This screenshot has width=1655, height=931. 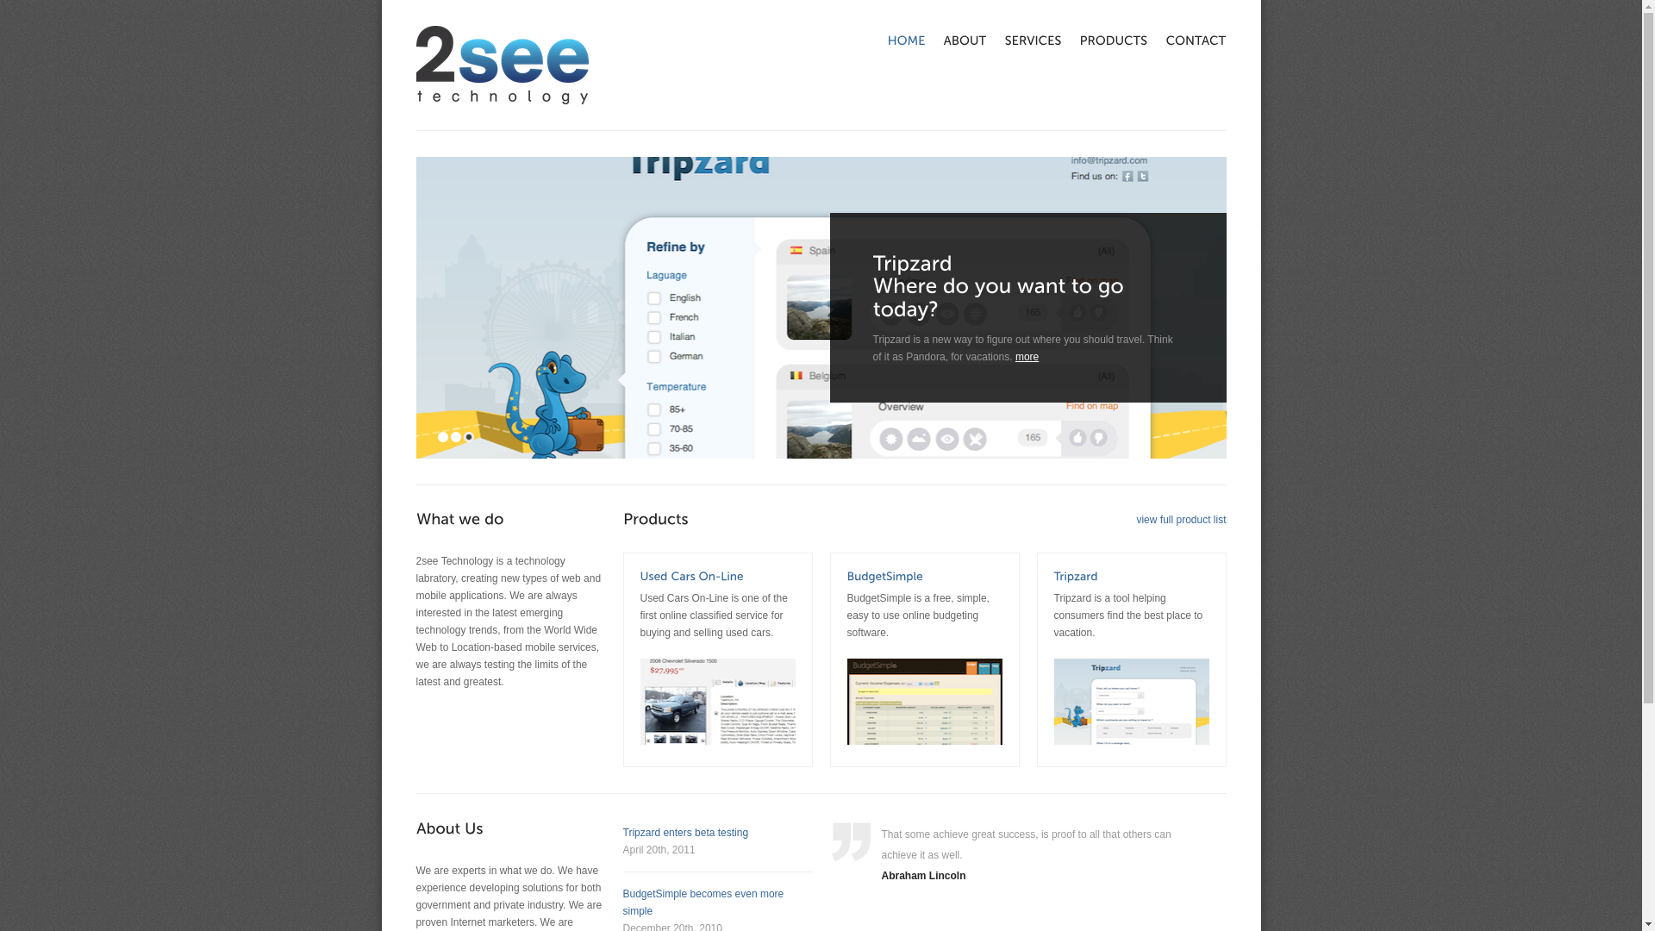 What do you see at coordinates (621, 901) in the screenshot?
I see `'BudgetSimple becomes even more simple'` at bounding box center [621, 901].